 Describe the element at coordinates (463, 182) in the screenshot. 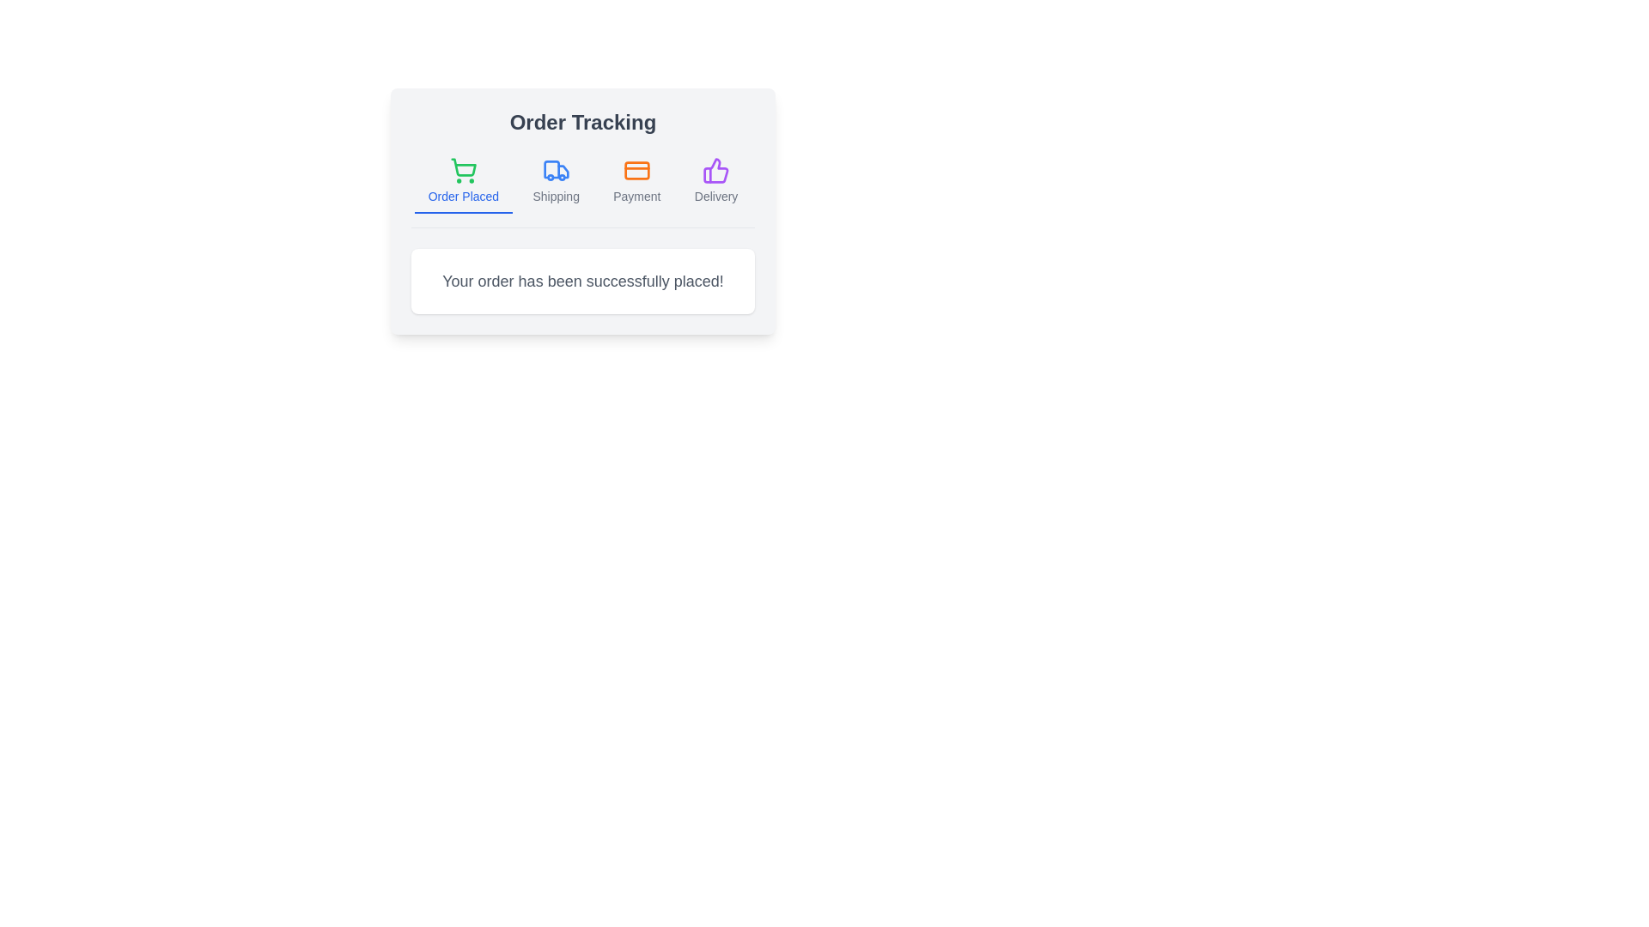

I see `the tab labeled Order Placed to activate it` at that location.